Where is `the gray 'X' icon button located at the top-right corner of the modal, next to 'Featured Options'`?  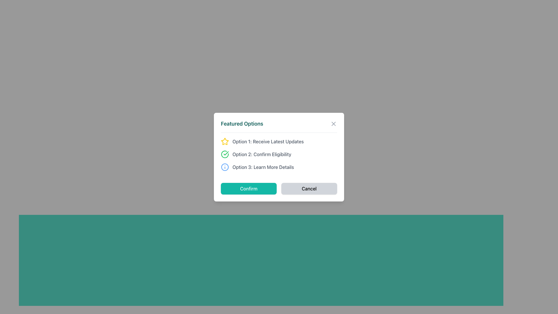 the gray 'X' icon button located at the top-right corner of the modal, next to 'Featured Options' is located at coordinates (333, 123).